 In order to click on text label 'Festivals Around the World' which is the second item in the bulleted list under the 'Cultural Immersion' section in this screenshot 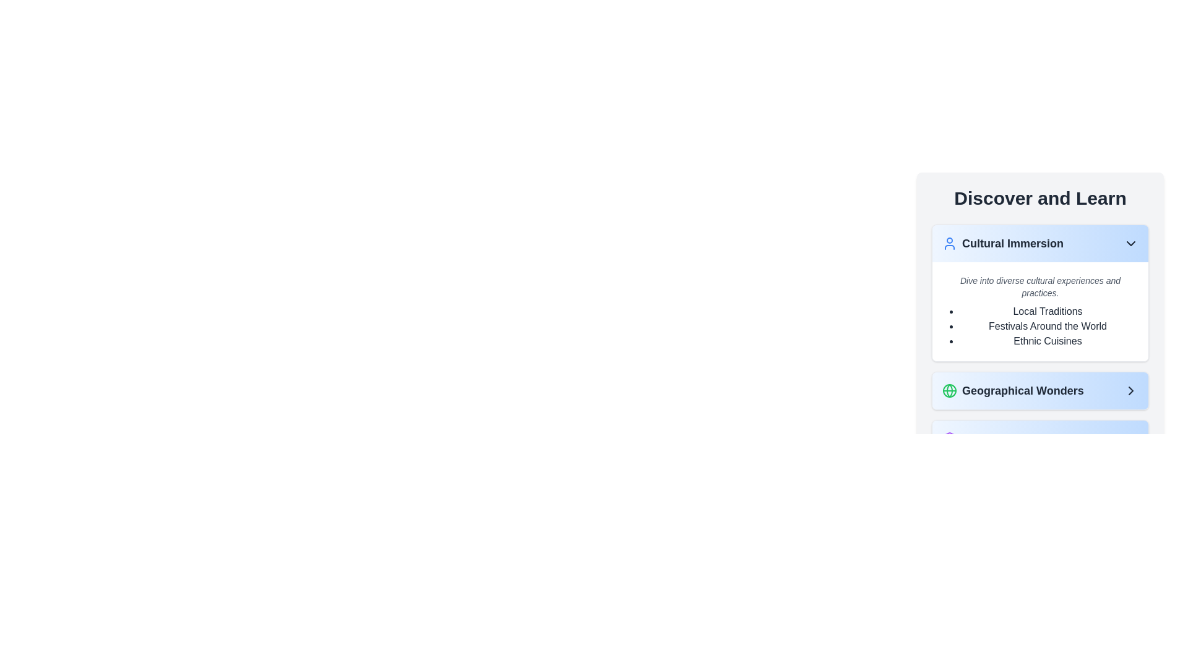, I will do `click(1047, 326)`.